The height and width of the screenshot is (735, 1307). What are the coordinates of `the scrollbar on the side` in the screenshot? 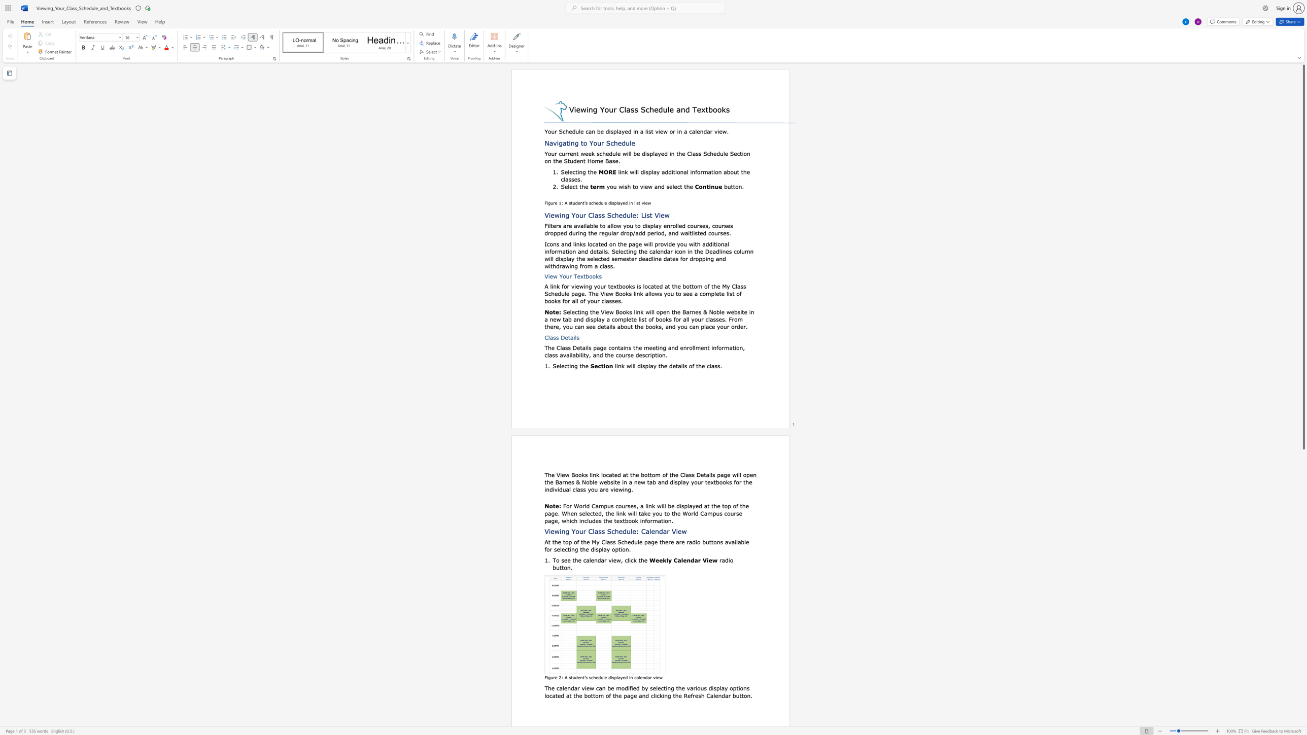 It's located at (1303, 677).